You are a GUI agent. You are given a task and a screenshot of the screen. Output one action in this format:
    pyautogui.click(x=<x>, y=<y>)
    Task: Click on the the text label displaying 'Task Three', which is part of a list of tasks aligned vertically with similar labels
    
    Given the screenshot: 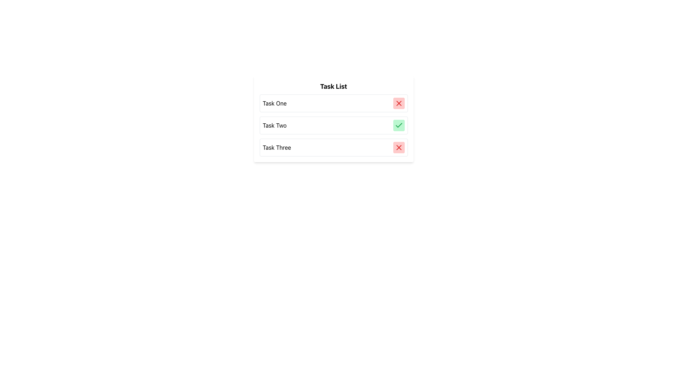 What is the action you would take?
    pyautogui.click(x=276, y=147)
    